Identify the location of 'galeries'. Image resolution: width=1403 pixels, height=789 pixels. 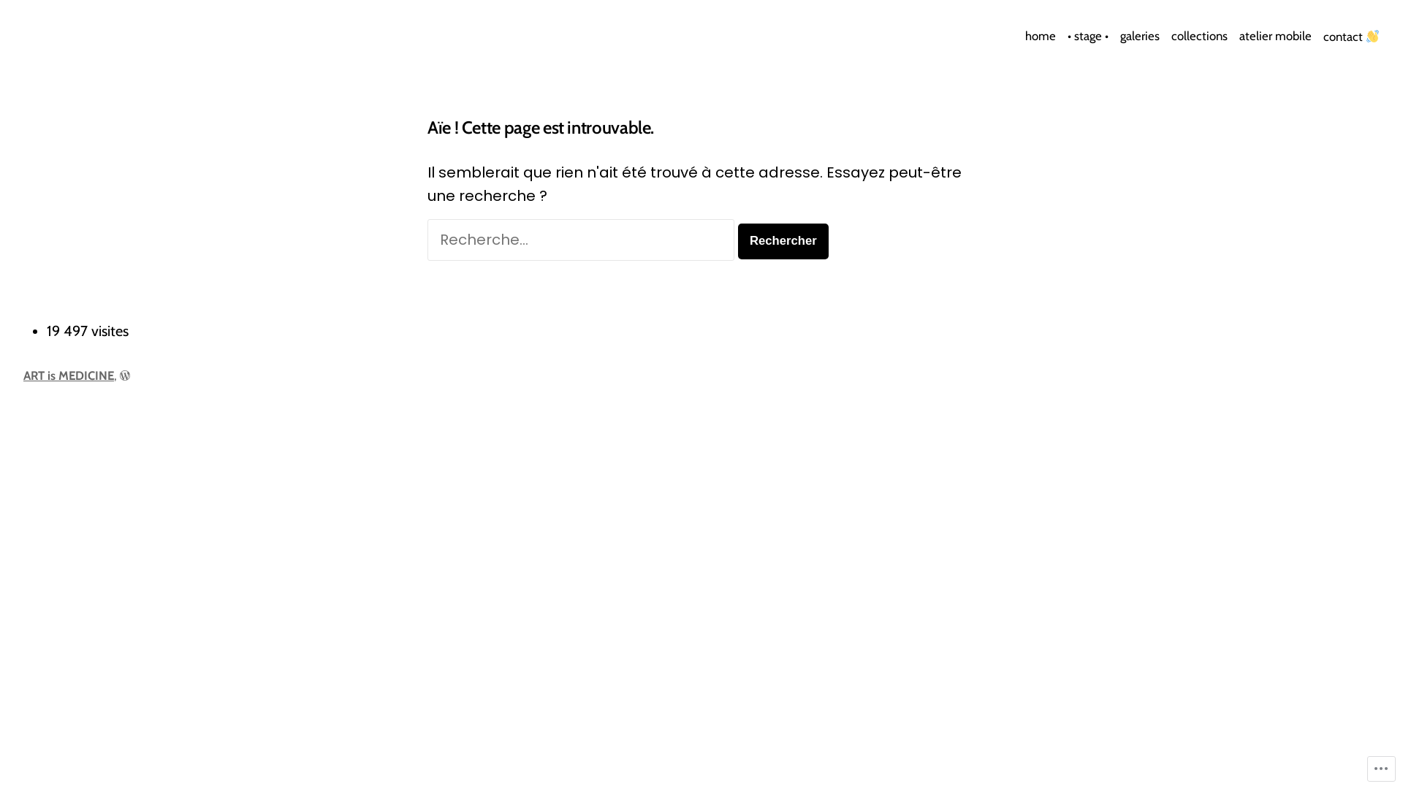
(1139, 36).